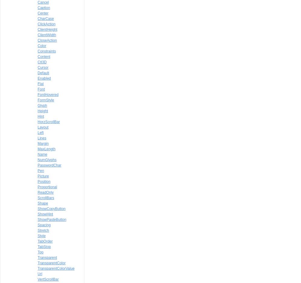 The width and height of the screenshot is (301, 283). I want to click on 'Proportional', so click(47, 187).